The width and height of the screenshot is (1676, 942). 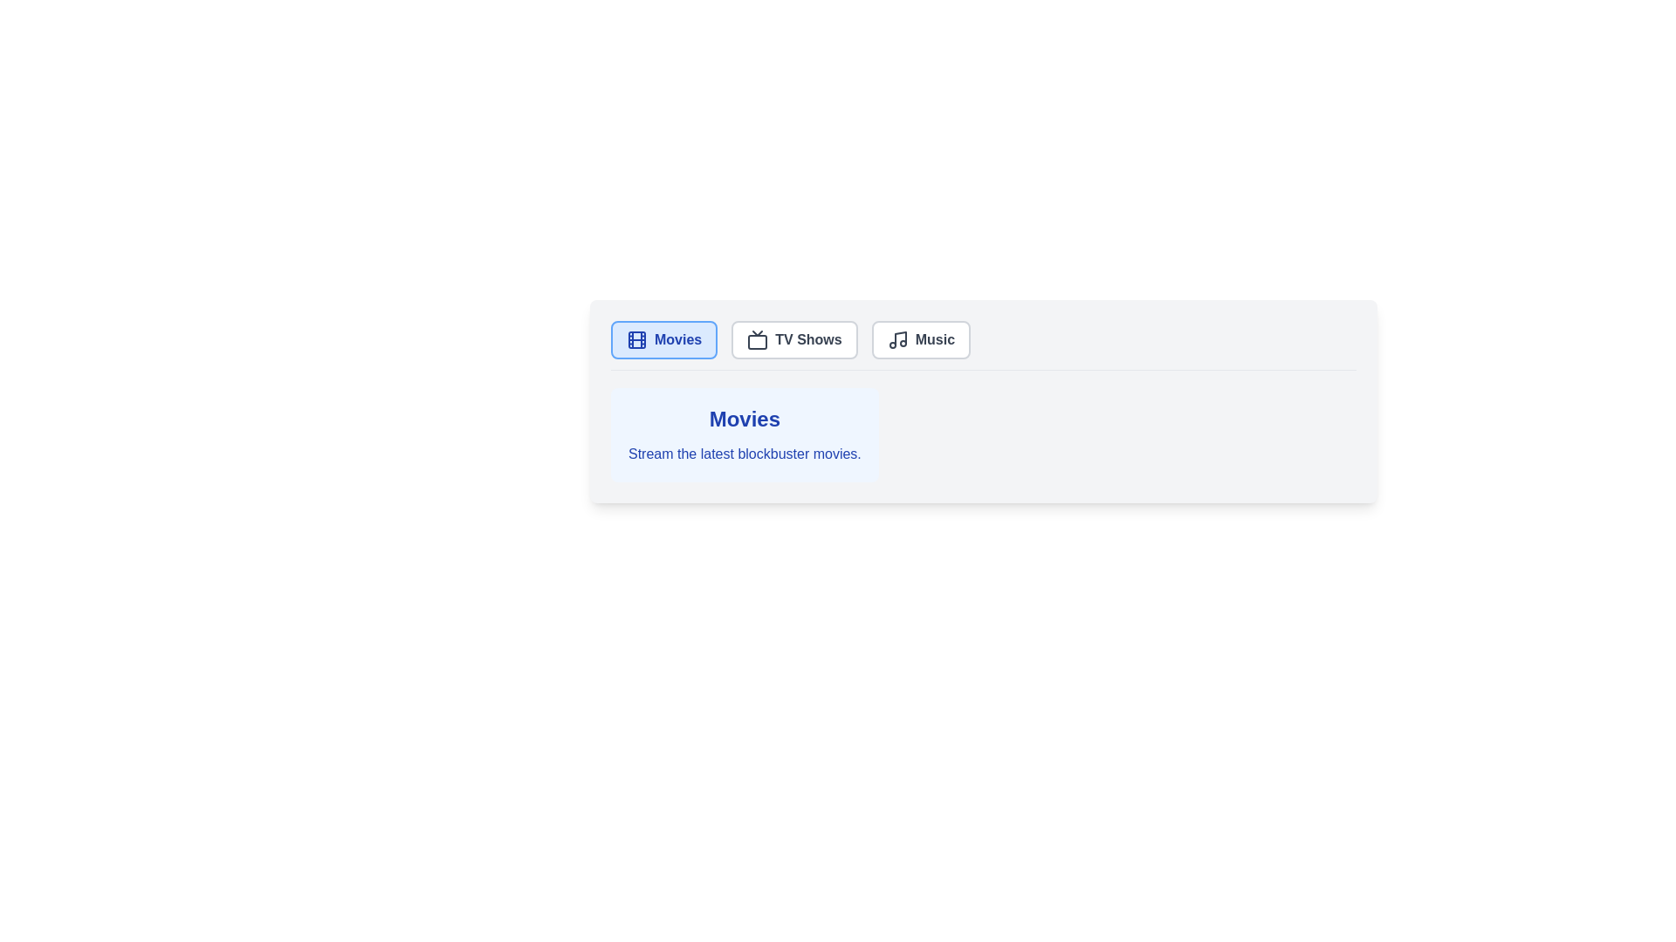 I want to click on the 'TV Shows' button, which is a rectangular button with rounded corners, white background, and gray border, to trigger a style change, so click(x=793, y=339).